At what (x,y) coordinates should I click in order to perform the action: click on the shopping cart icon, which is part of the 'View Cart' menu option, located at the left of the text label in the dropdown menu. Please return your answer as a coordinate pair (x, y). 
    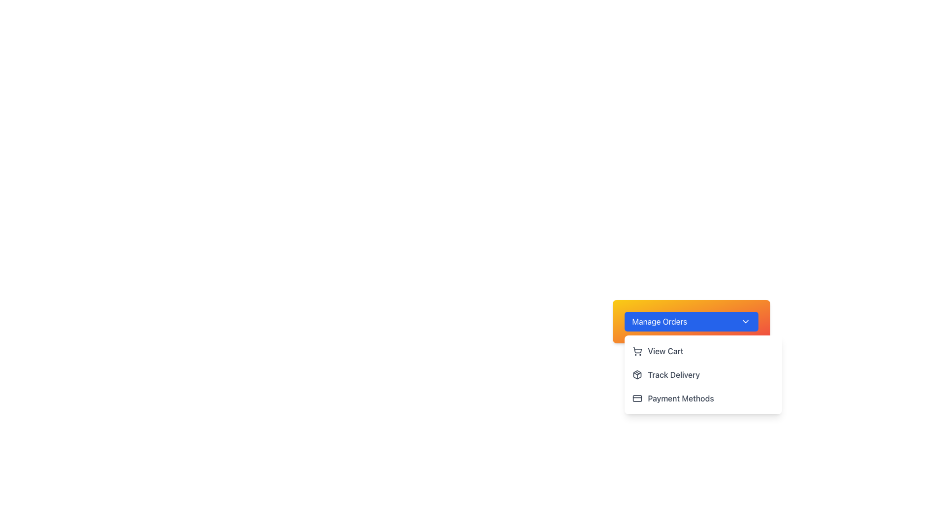
    Looking at the image, I should click on (637, 351).